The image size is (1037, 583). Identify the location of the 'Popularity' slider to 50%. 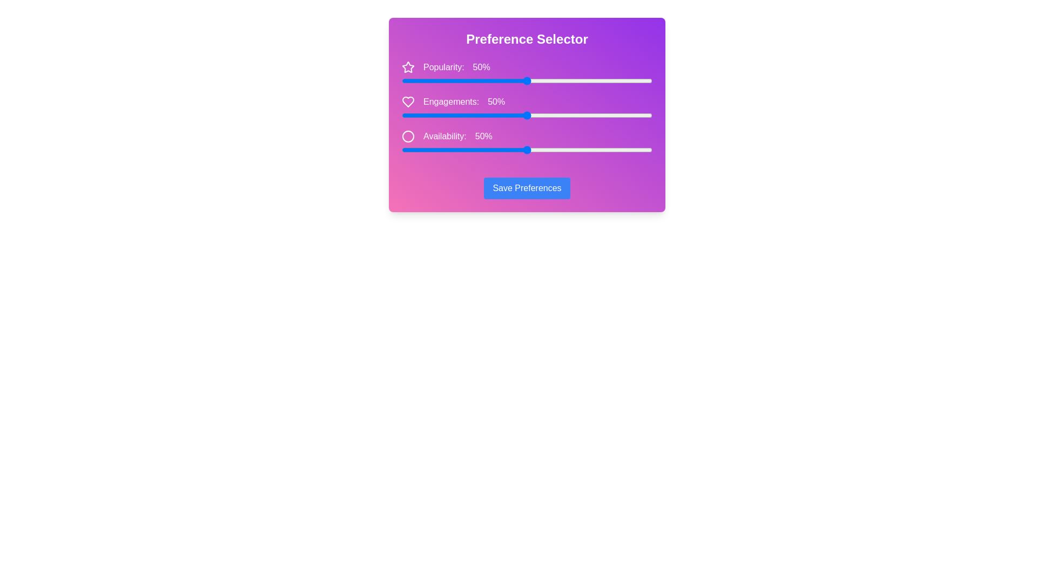
(527, 80).